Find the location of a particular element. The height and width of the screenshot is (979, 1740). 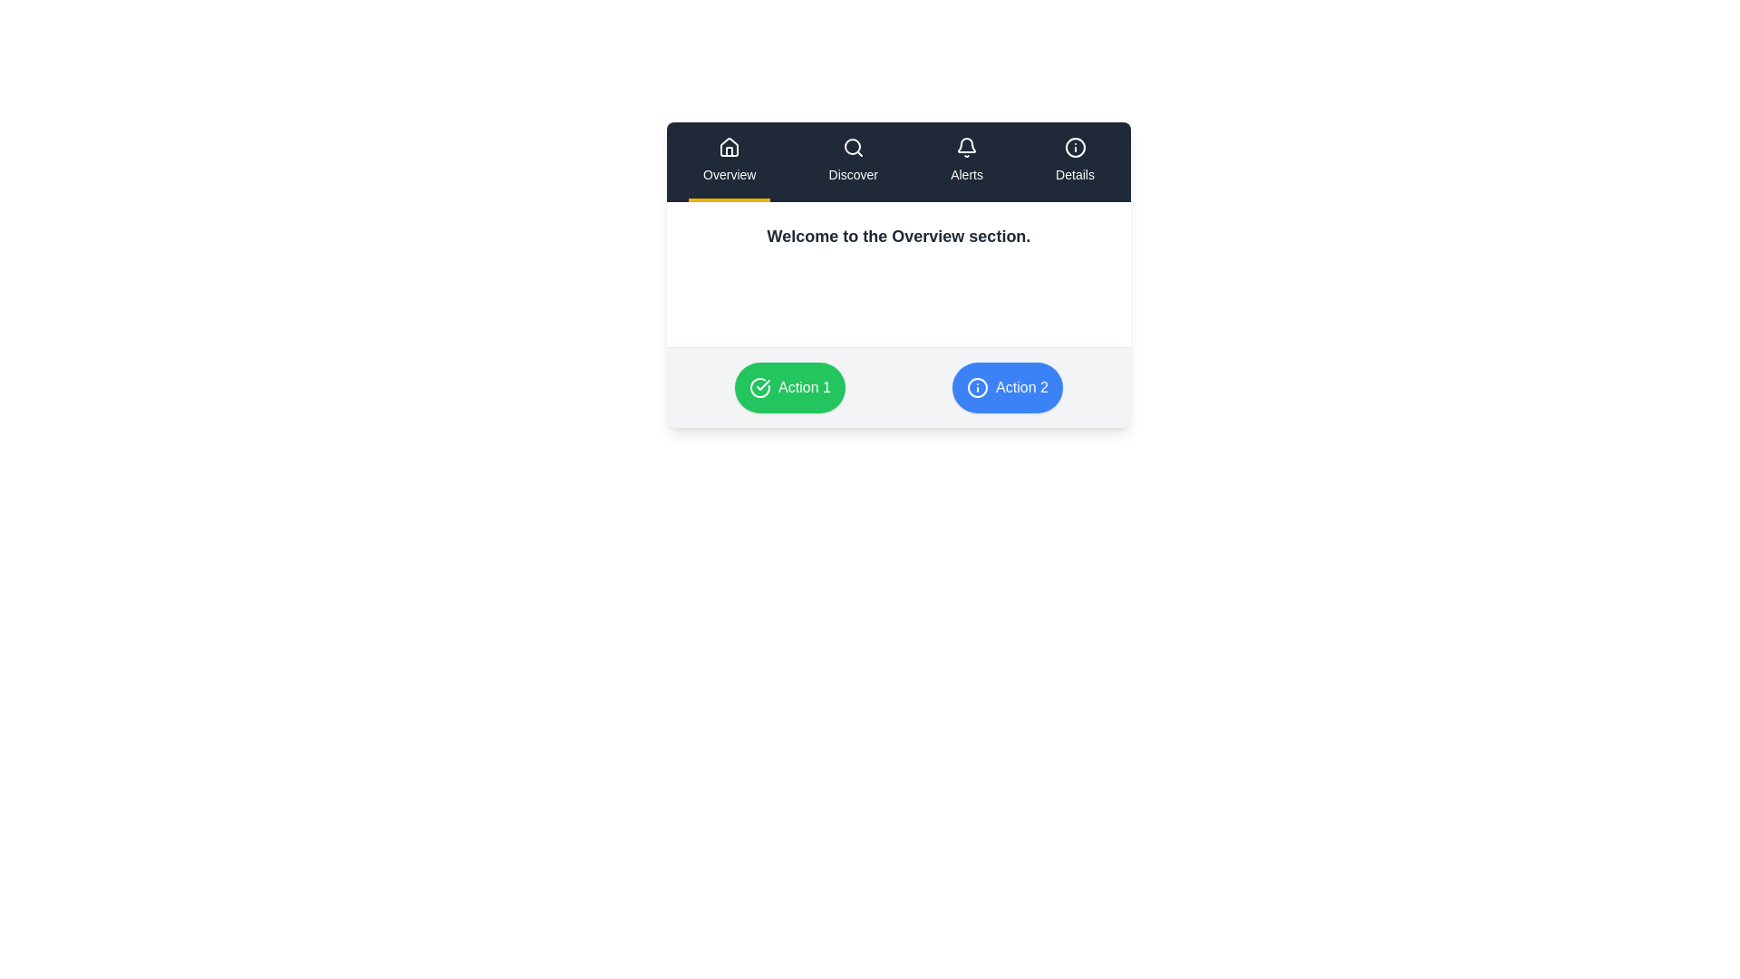

the 'Discover' text label located in the second navigational tab under the magnifying glass icon is located at coordinates (852, 174).